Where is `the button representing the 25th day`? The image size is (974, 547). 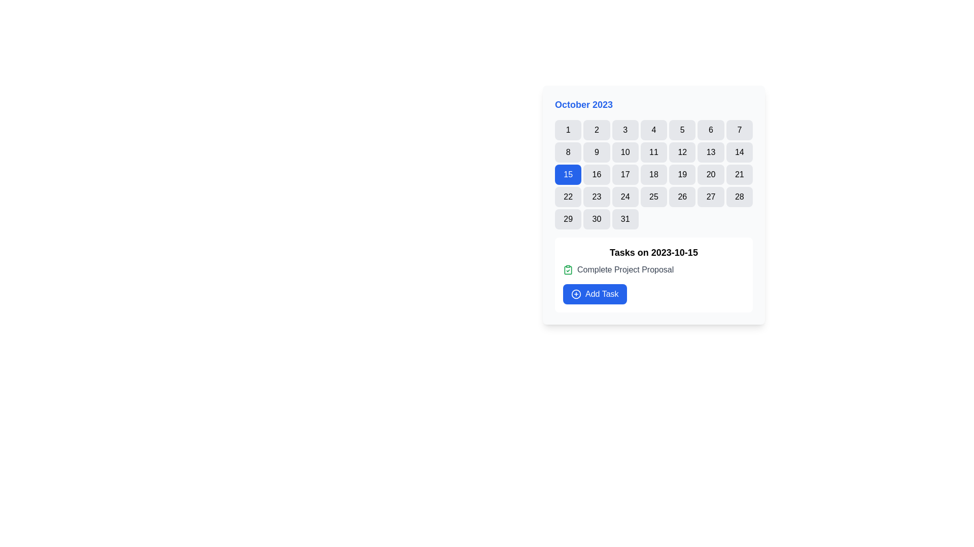
the button representing the 25th day is located at coordinates (653, 197).